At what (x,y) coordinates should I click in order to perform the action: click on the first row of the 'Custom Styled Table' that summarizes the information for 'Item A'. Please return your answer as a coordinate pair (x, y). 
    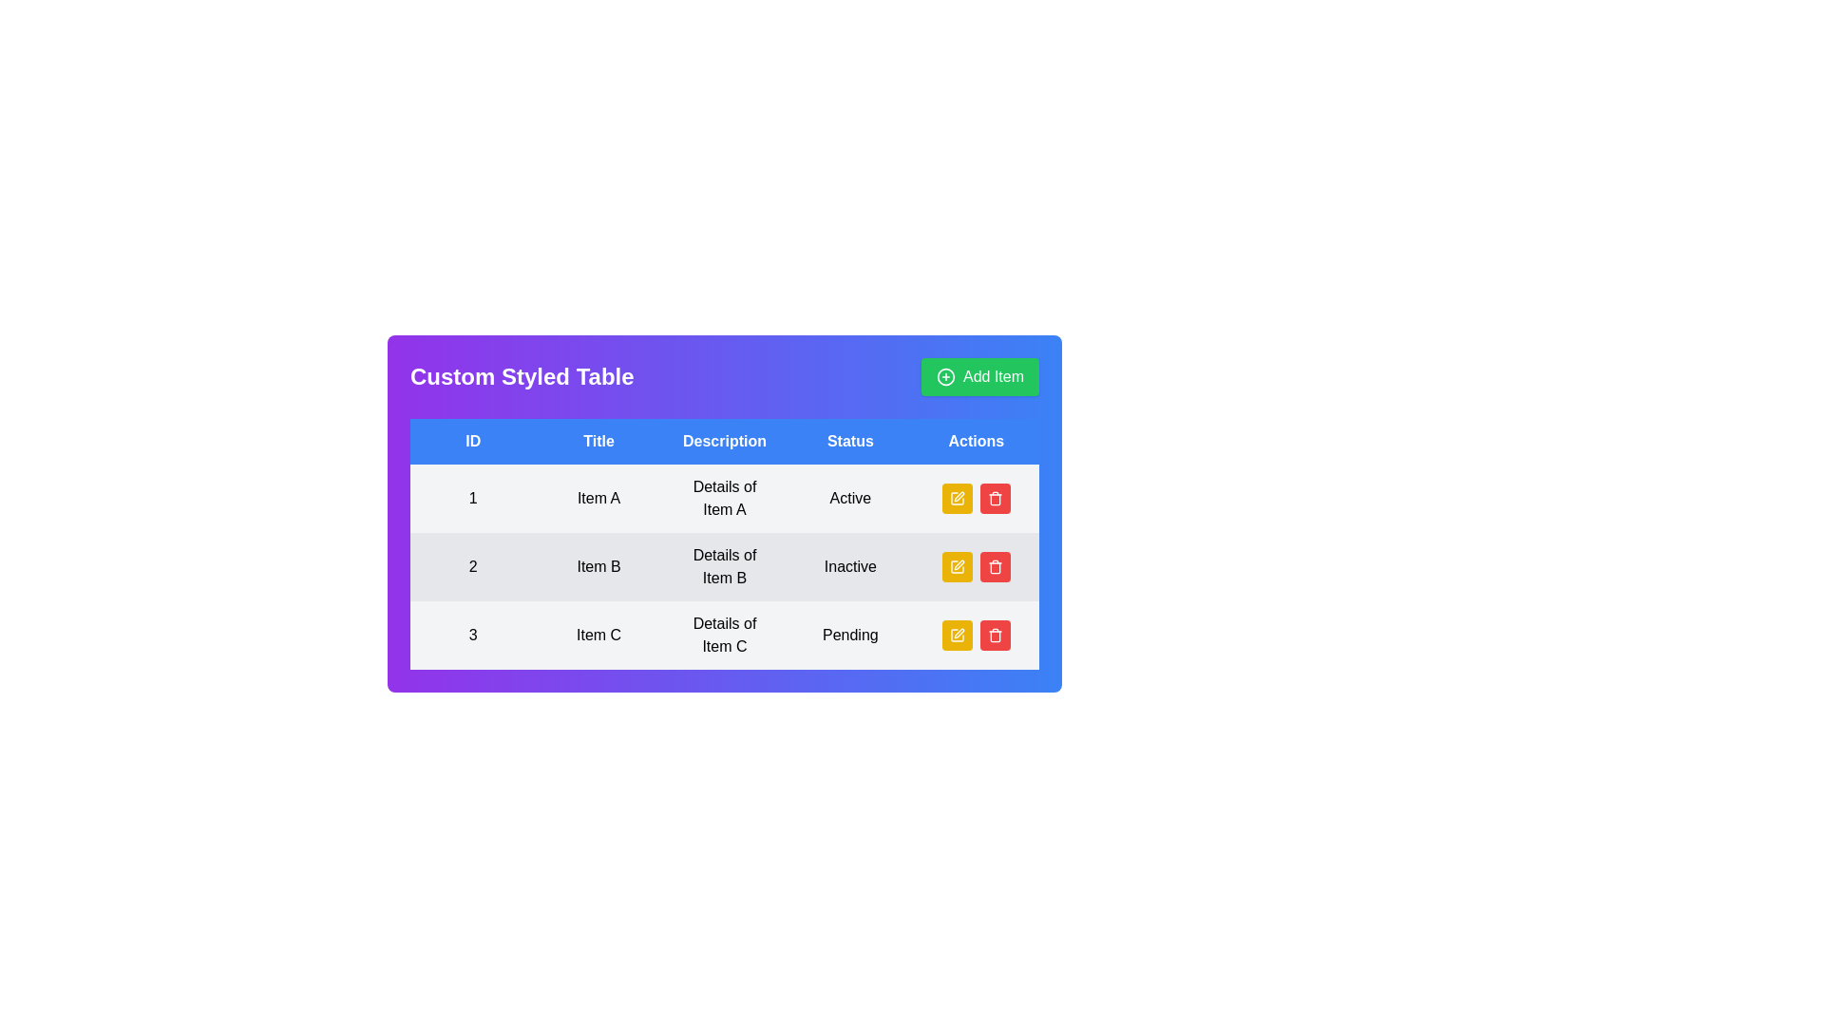
    Looking at the image, I should click on (724, 497).